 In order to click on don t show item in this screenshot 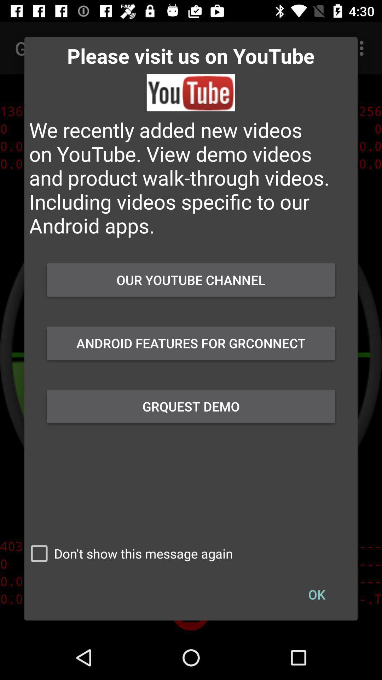, I will do `click(128, 553)`.